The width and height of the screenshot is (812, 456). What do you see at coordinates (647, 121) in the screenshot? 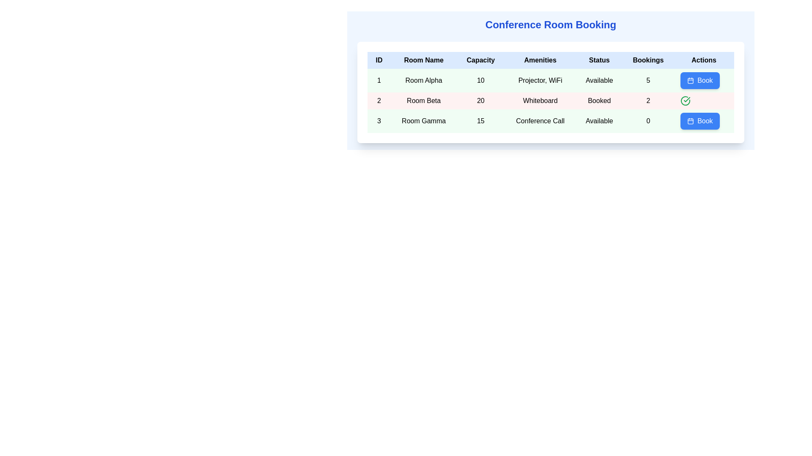
I see `the static text '0' located in the 'Bookings' column of the third row for 'Room Gamma'` at bounding box center [647, 121].